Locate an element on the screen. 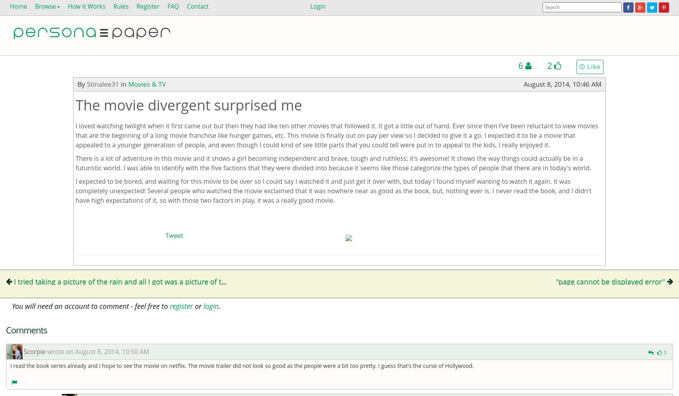 This screenshot has width=679, height=396. '.' is located at coordinates (219, 306).